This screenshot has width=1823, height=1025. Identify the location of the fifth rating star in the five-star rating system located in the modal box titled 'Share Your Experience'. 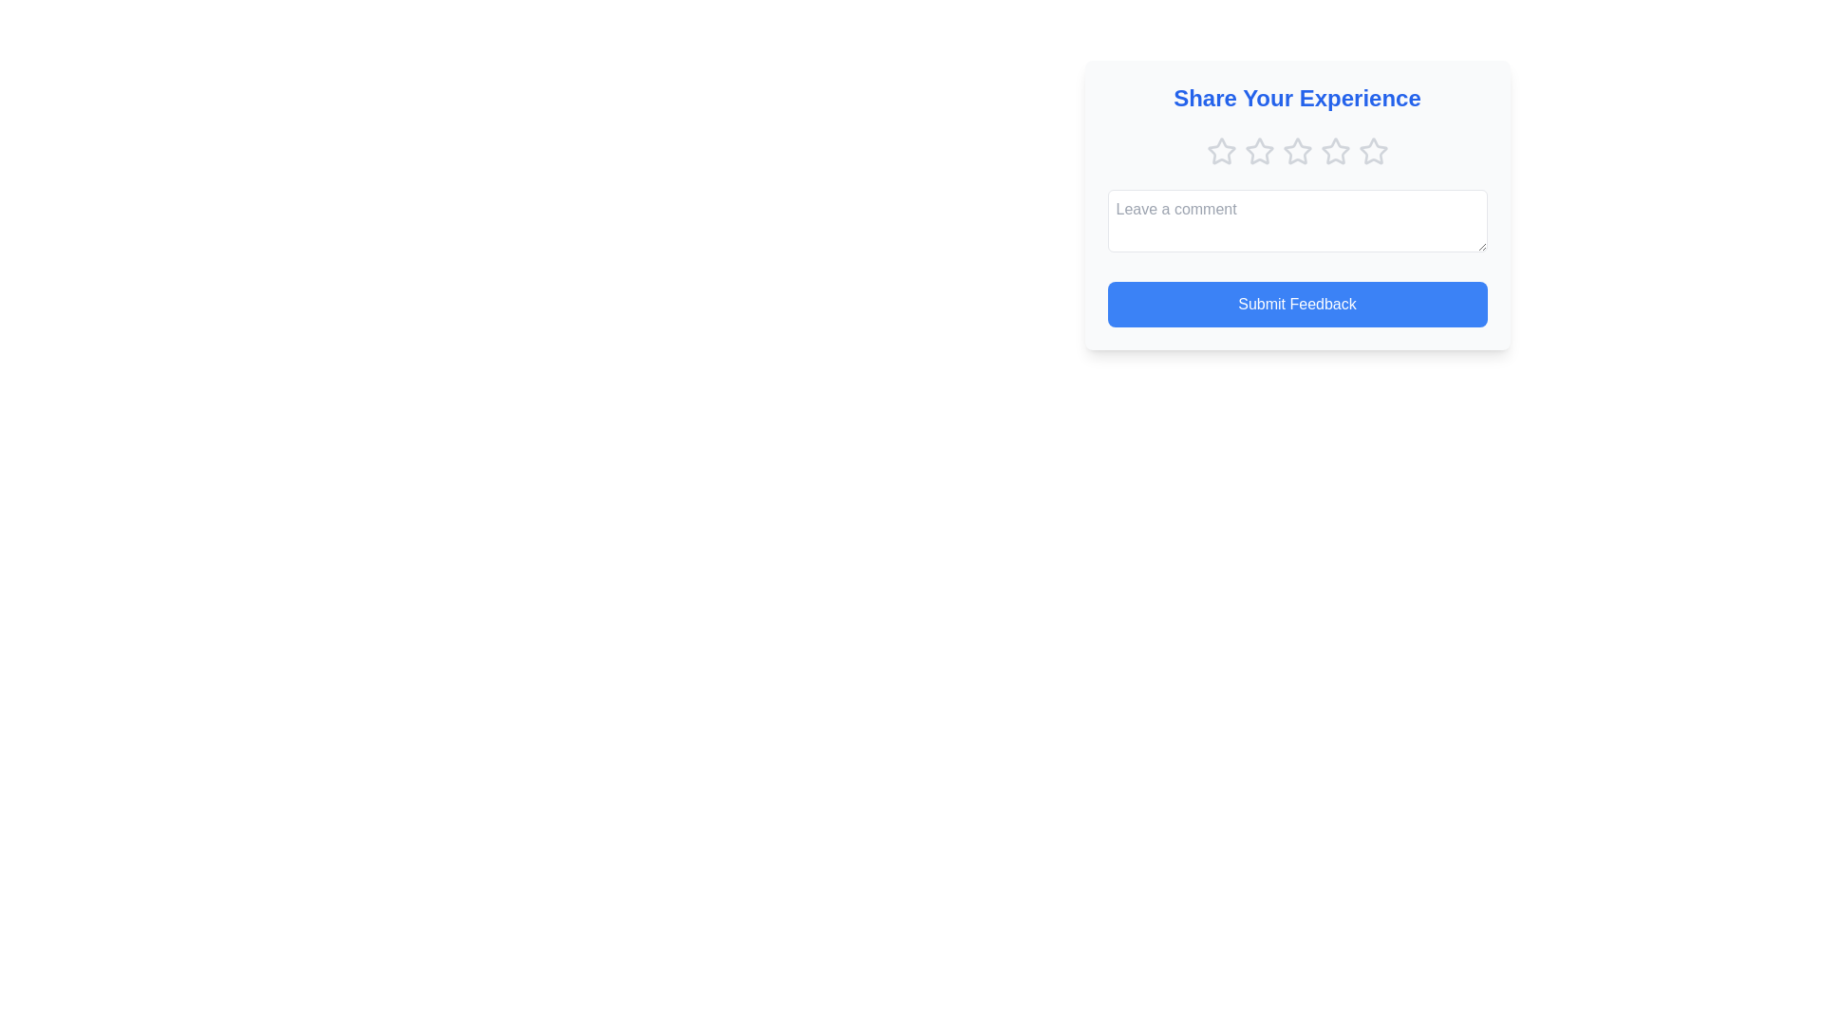
(1373, 150).